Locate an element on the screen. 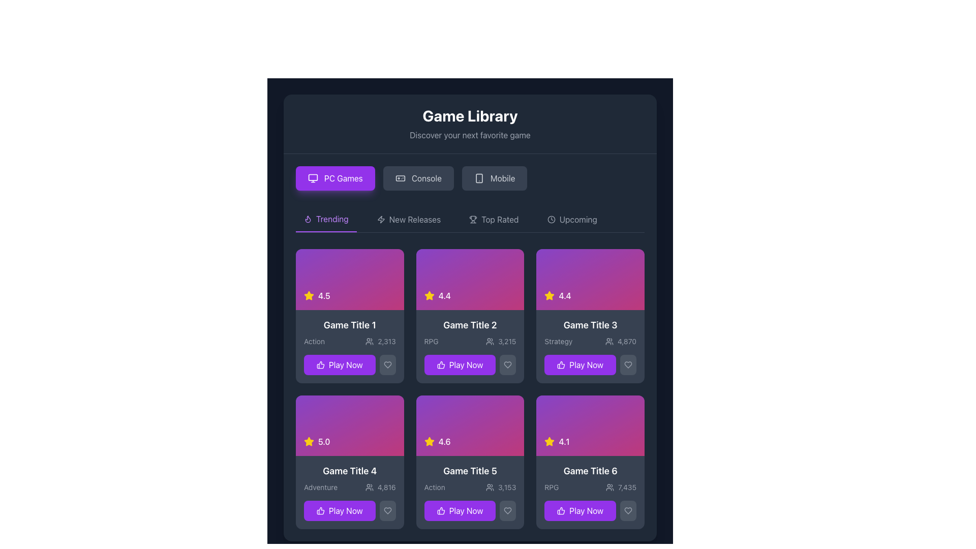 This screenshot has width=976, height=549. the 'Play Now' button on the Game information card for 'Game Title 5', which is visually distinguished by a purple gradient background and located in the second row and second column of the game card grid is located at coordinates (470, 492).